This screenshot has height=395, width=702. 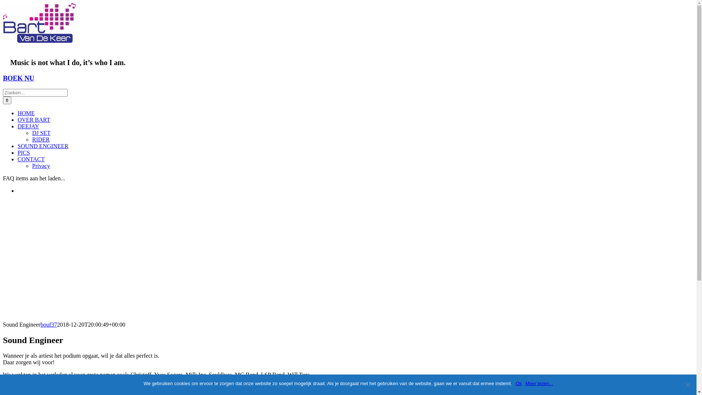 I want to click on 'DEEJAY', so click(x=18, y=126).